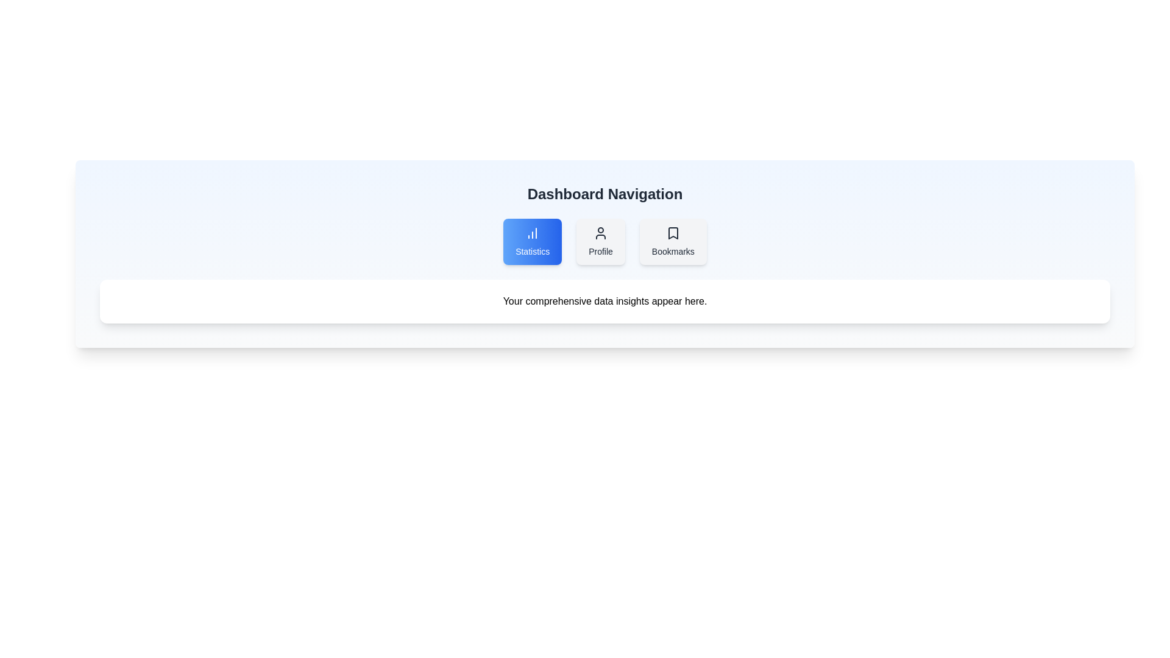  What do you see at coordinates (533, 242) in the screenshot?
I see `the 'Statistics' button, which has a gradient background and an icon of increasing bars, located in the horizontal navigation bar below the 'Dashboard Navigation' header` at bounding box center [533, 242].